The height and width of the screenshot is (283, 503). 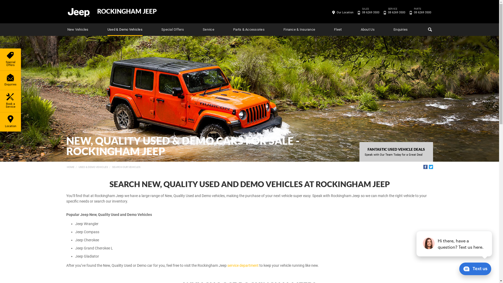 I want to click on 'Book a Service', so click(x=10, y=101).